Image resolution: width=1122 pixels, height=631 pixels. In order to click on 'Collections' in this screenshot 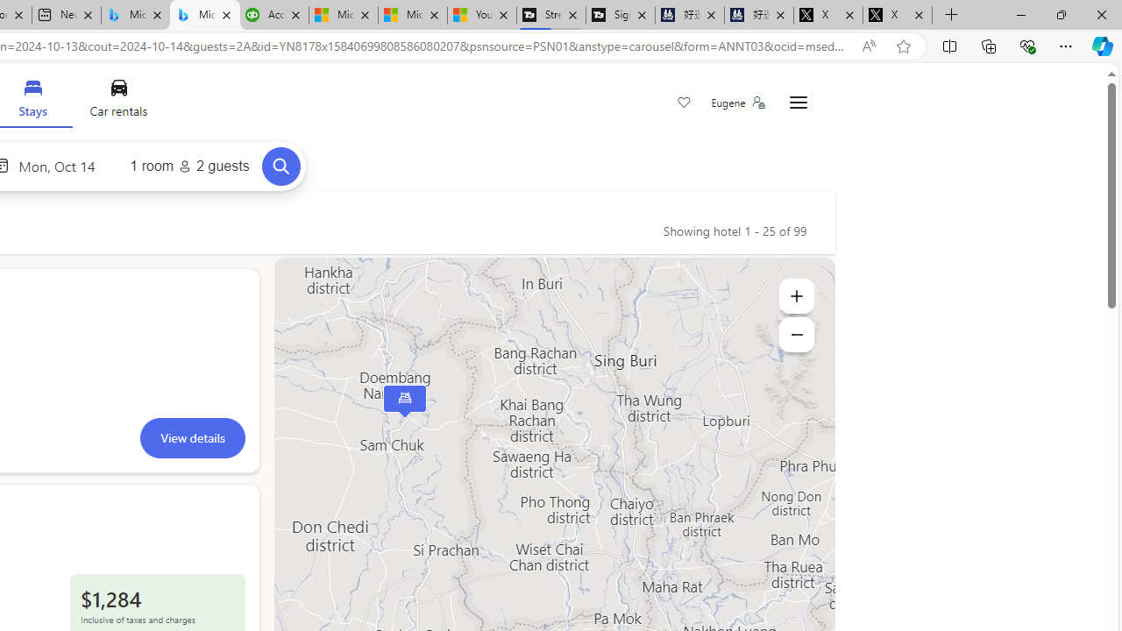, I will do `click(989, 45)`.